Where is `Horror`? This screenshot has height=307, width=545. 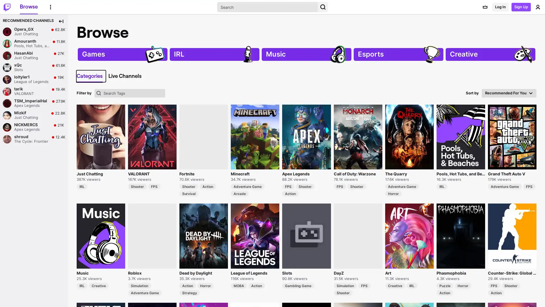
Horror is located at coordinates (393, 193).